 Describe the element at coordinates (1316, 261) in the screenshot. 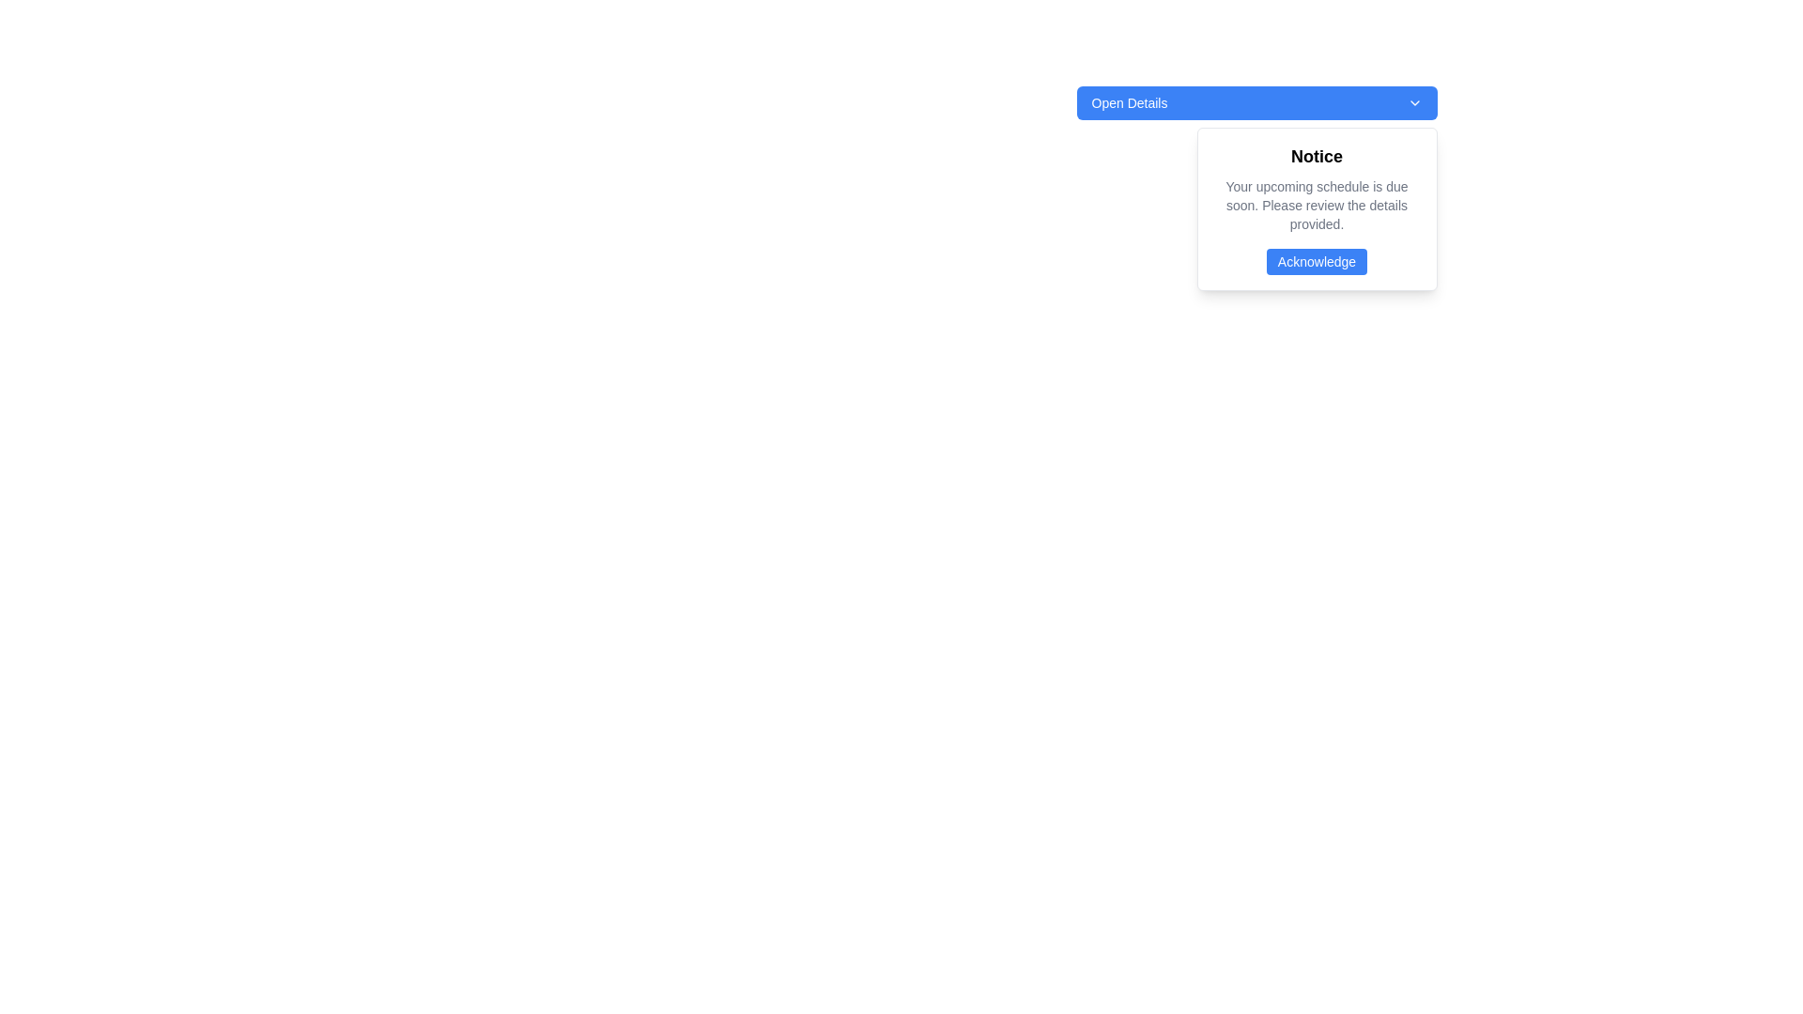

I see `the 'Acknowledge' button, which is a rectangular button with rounded corners and a blue background located at the bottom of the notification panel` at that location.